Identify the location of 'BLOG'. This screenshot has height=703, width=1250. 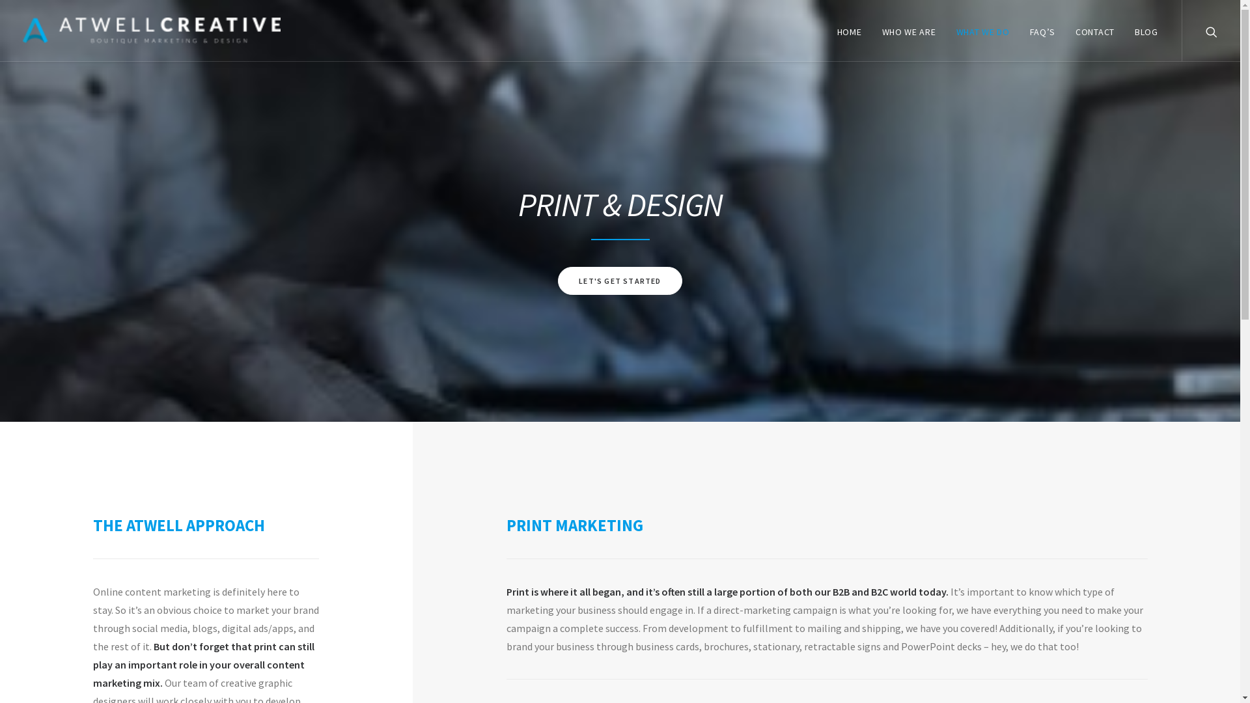
(1124, 29).